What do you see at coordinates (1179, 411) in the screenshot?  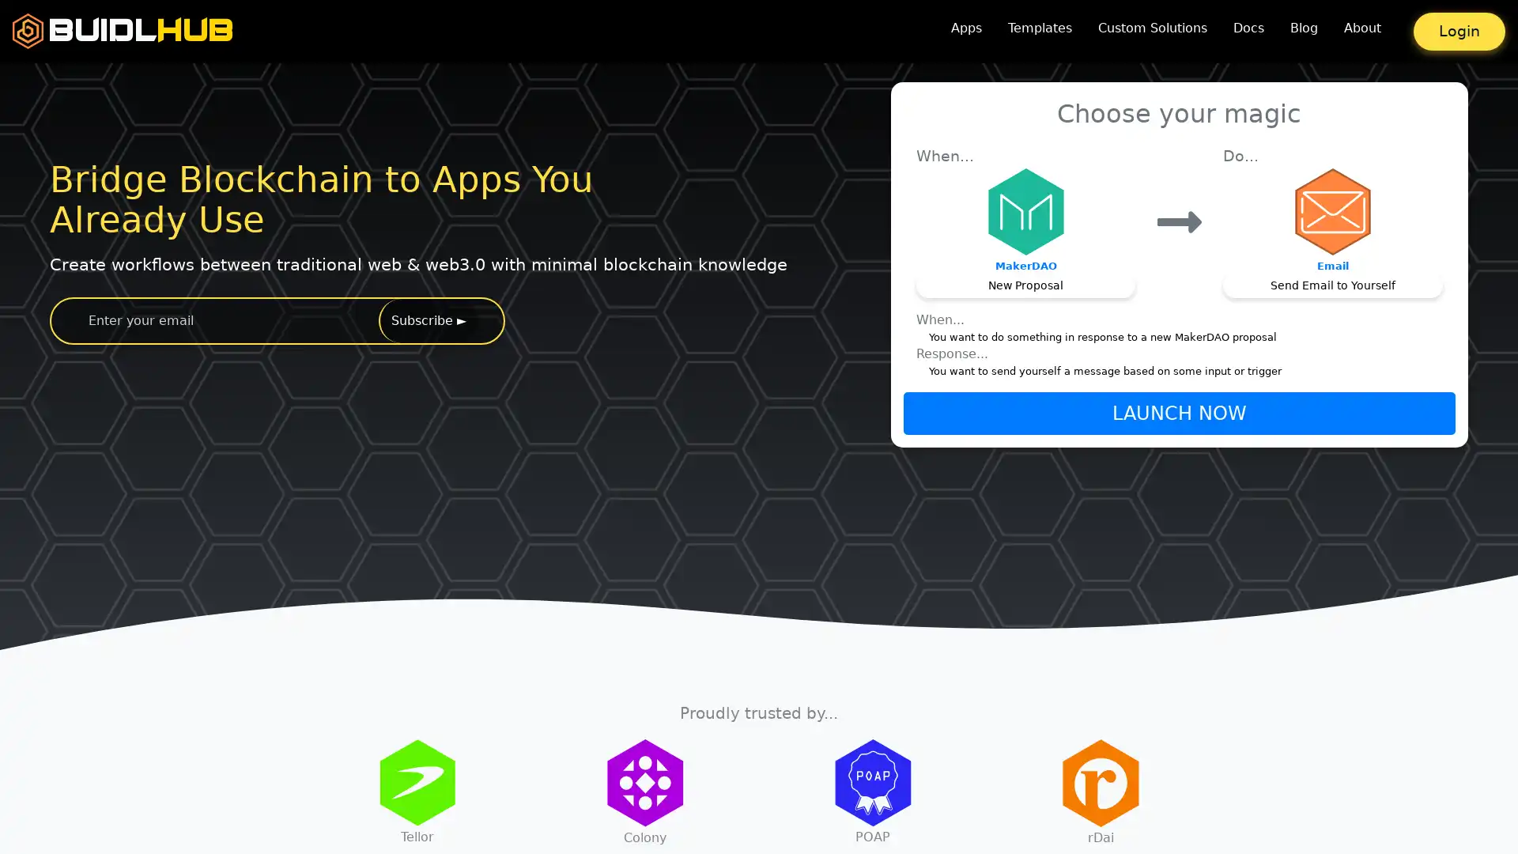 I see `LAUNCH NOW` at bounding box center [1179, 411].